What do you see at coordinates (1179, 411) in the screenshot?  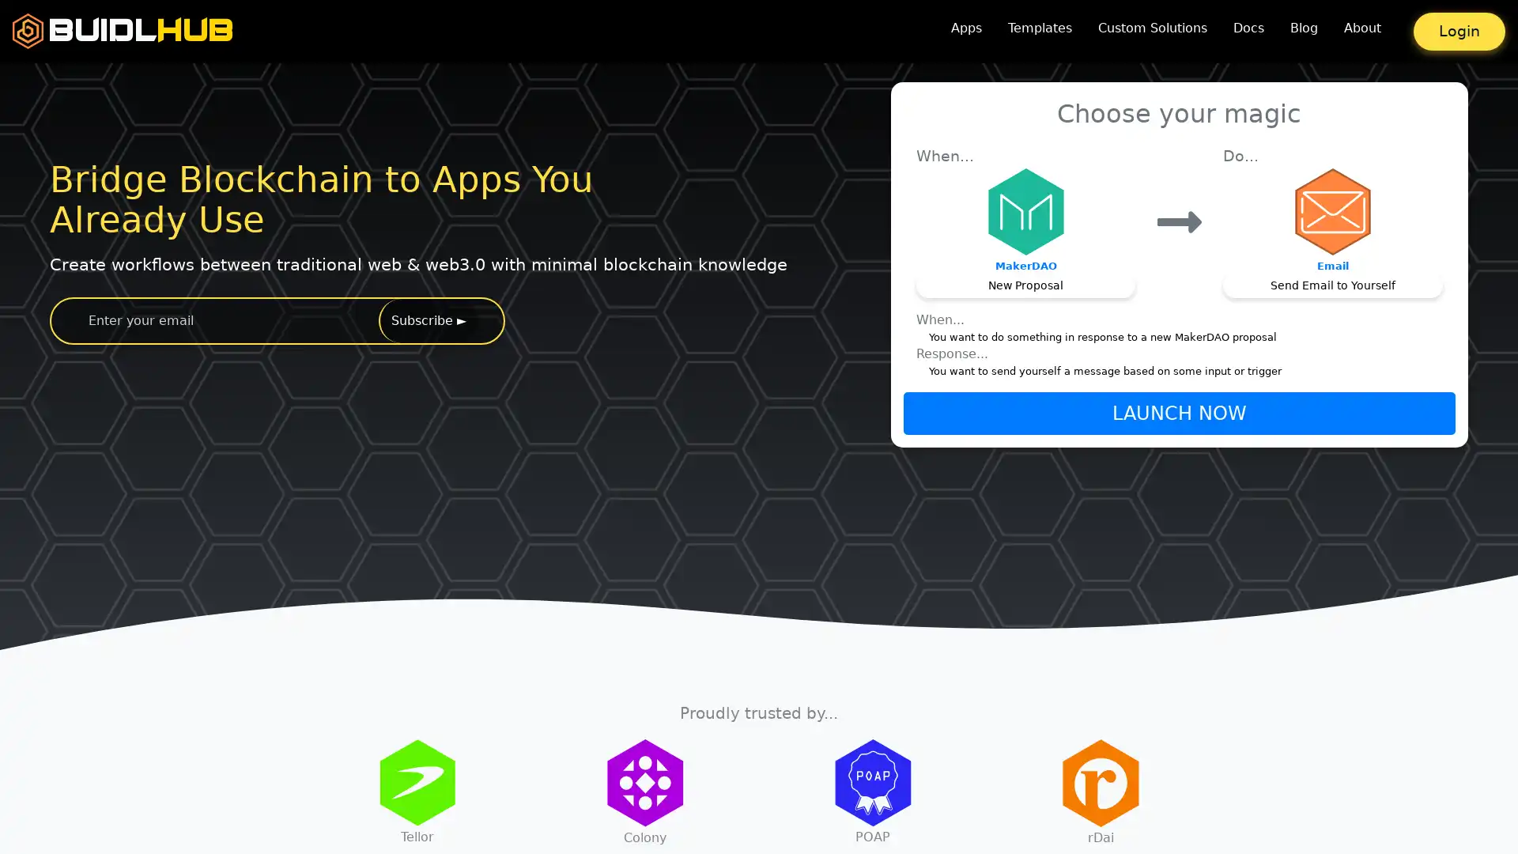 I see `LAUNCH NOW` at bounding box center [1179, 411].